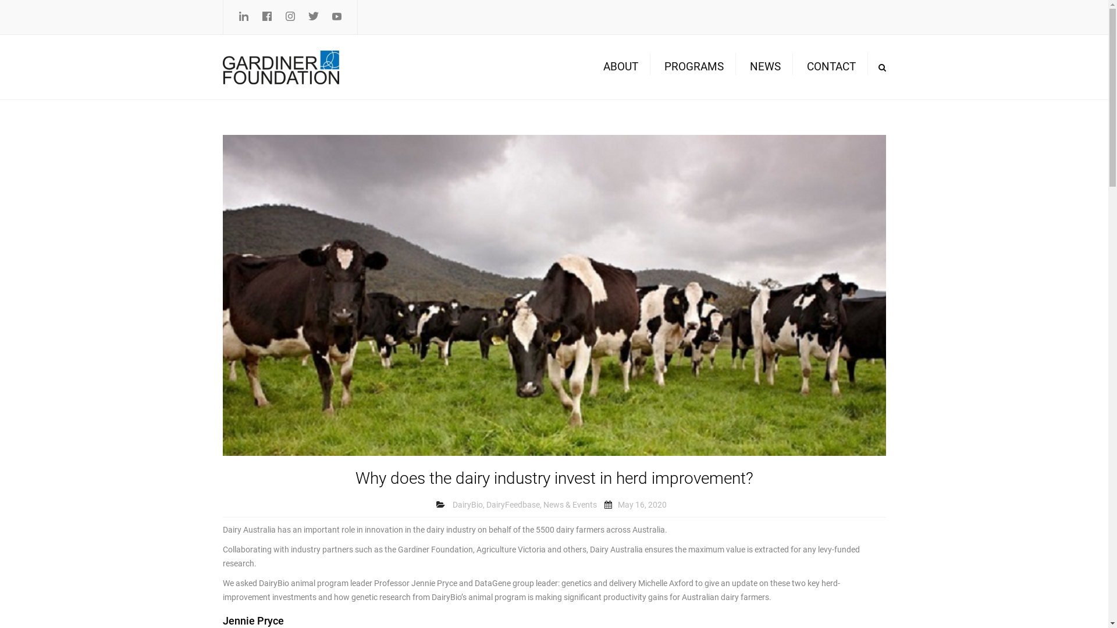  I want to click on 'ABOUT', so click(597, 67).